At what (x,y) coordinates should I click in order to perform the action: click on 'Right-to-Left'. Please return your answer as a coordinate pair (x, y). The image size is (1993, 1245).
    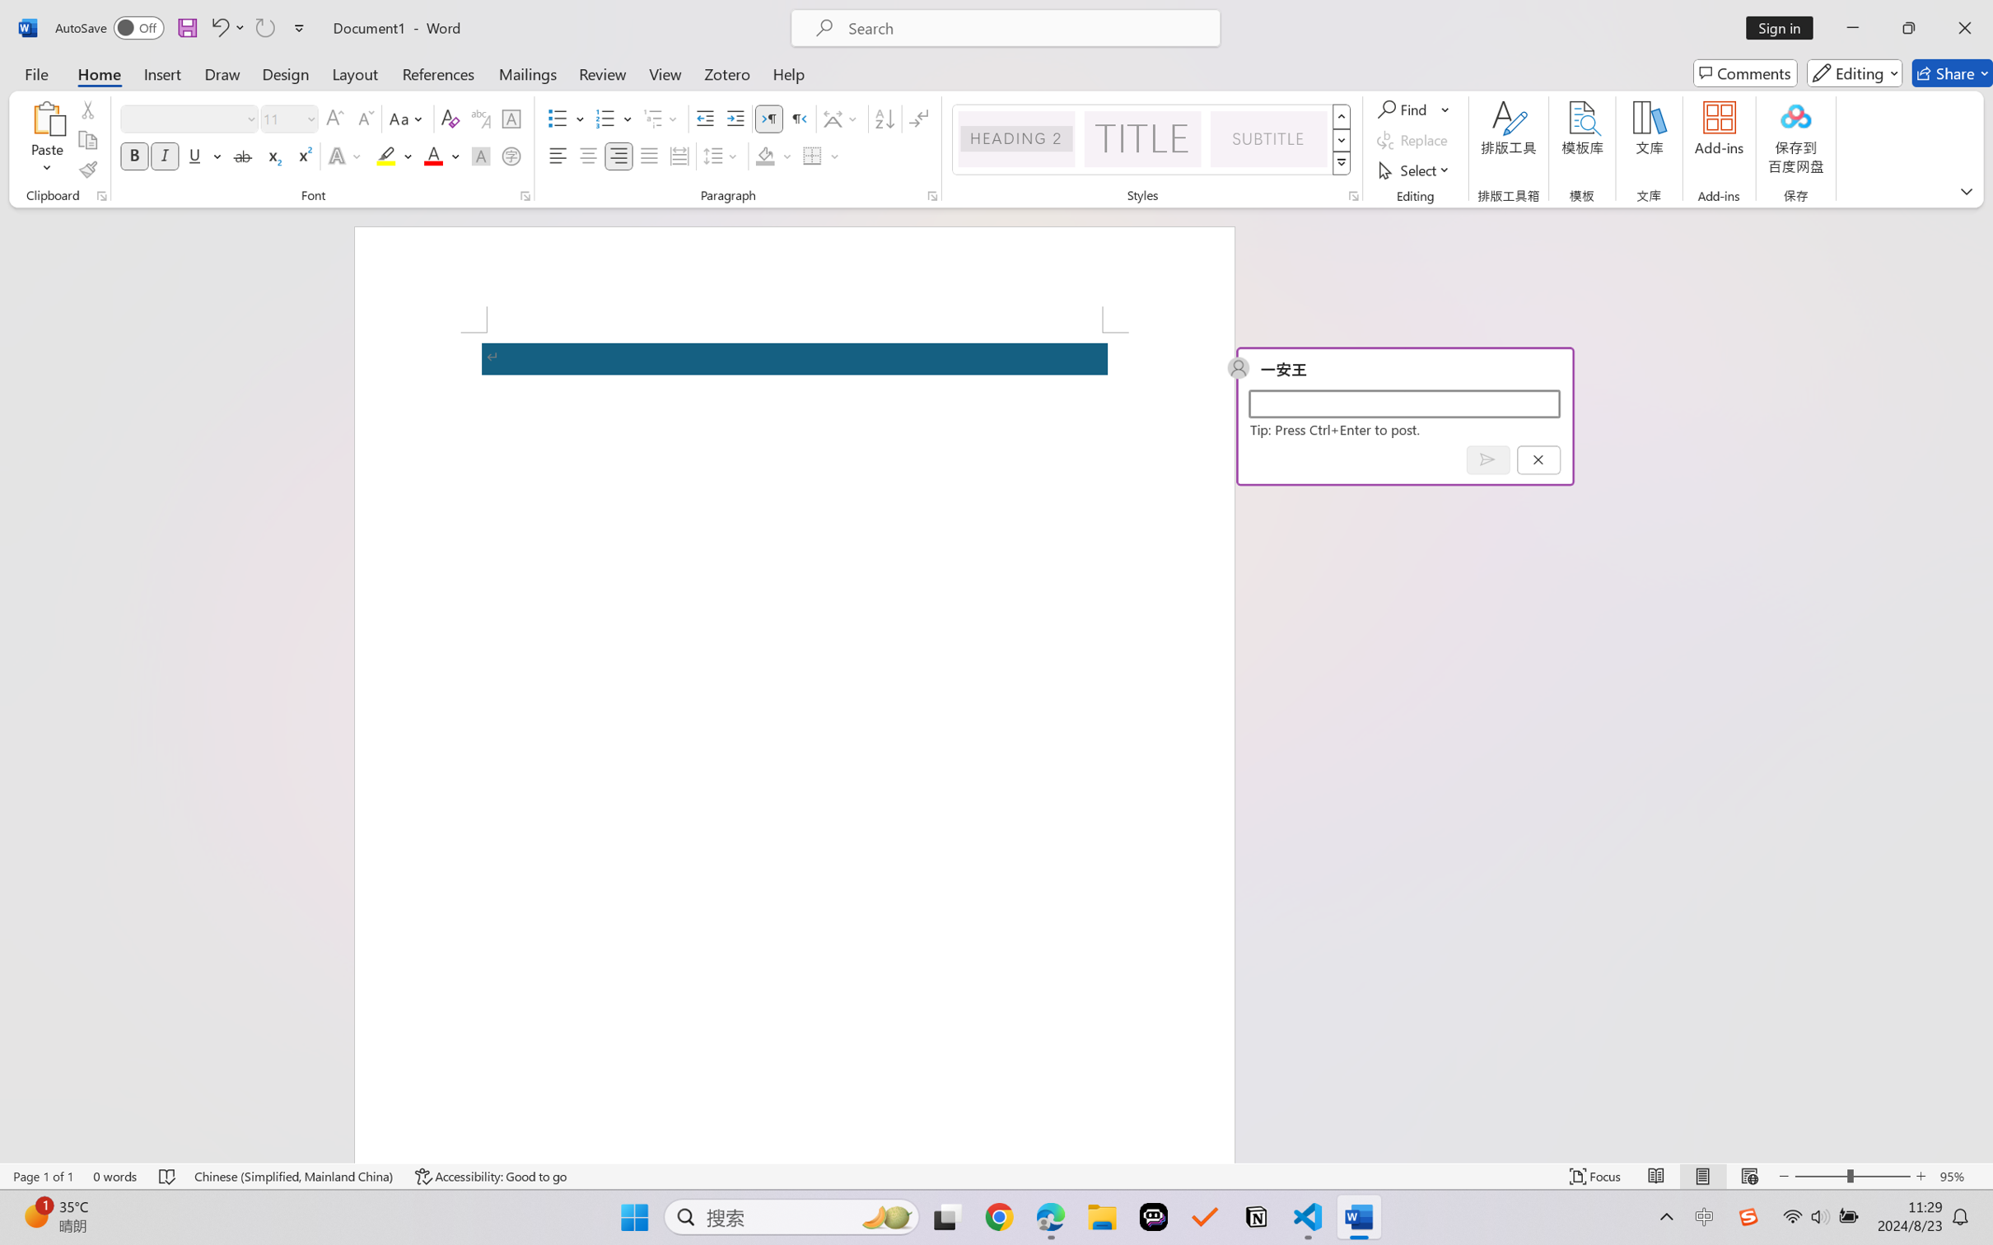
    Looking at the image, I should click on (798, 119).